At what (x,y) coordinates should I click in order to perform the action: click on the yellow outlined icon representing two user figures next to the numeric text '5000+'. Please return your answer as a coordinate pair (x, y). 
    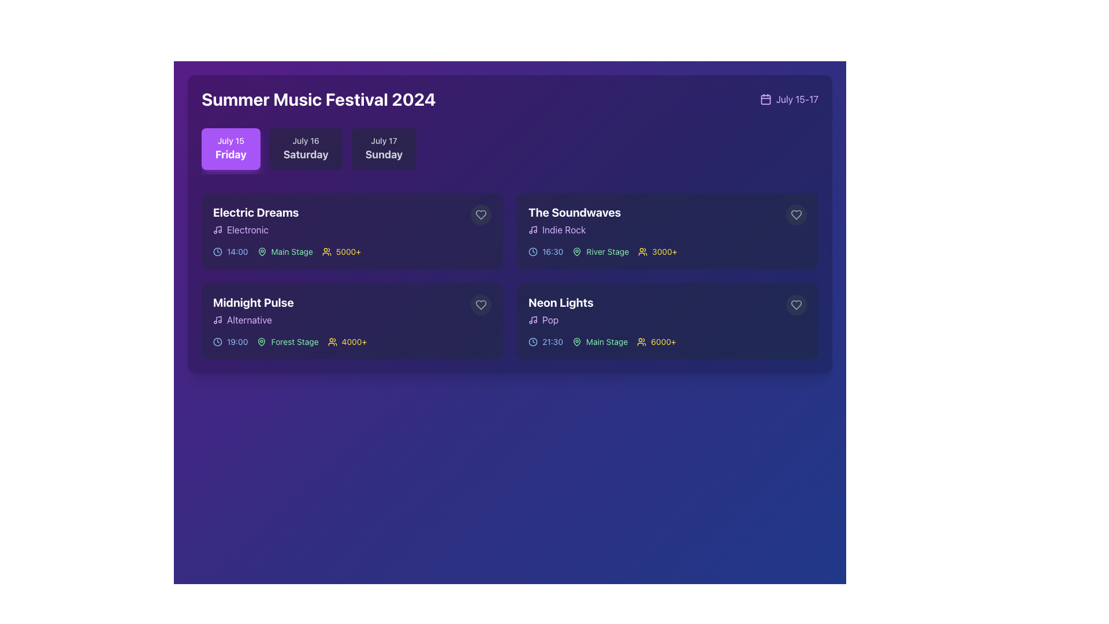
    Looking at the image, I should click on (326, 251).